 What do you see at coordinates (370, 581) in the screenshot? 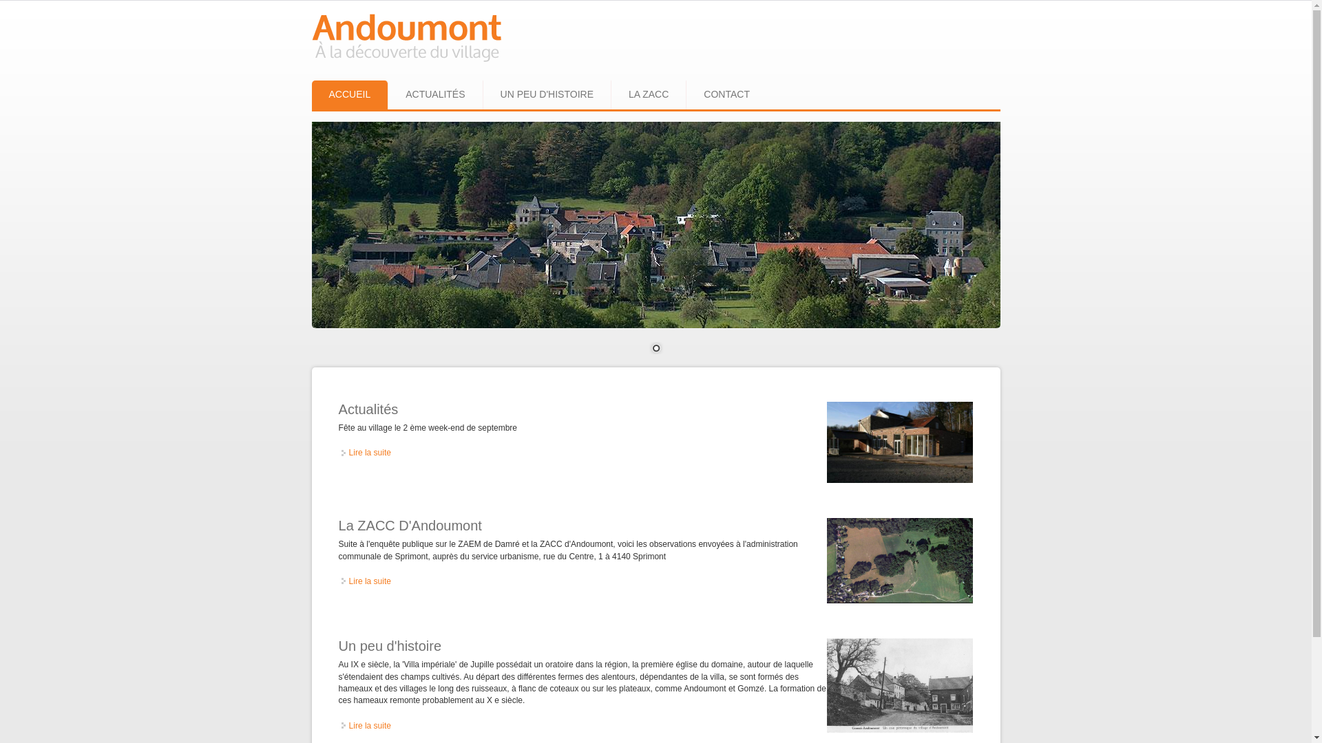
I see `'Lire la suite` at bounding box center [370, 581].